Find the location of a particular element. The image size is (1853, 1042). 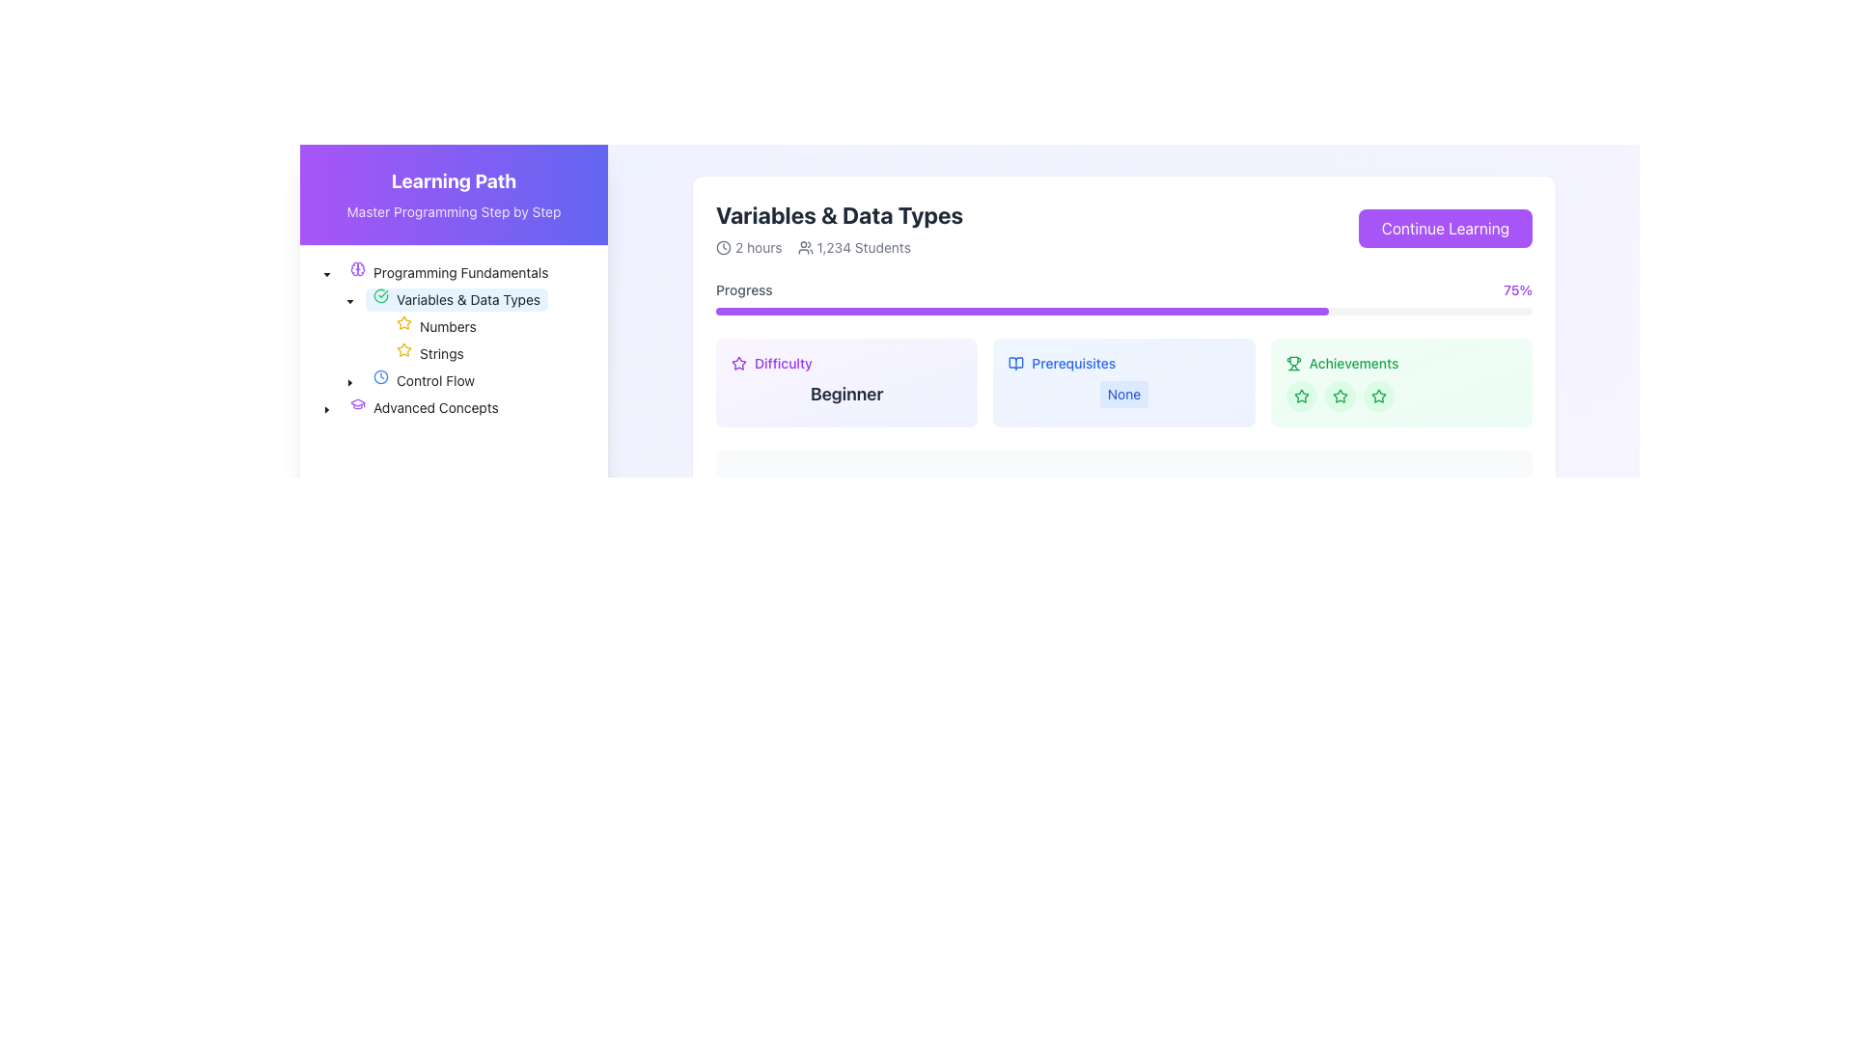

the 'Numbers' text label with the yellow star icon for keyboard navigation is located at coordinates (435, 326).